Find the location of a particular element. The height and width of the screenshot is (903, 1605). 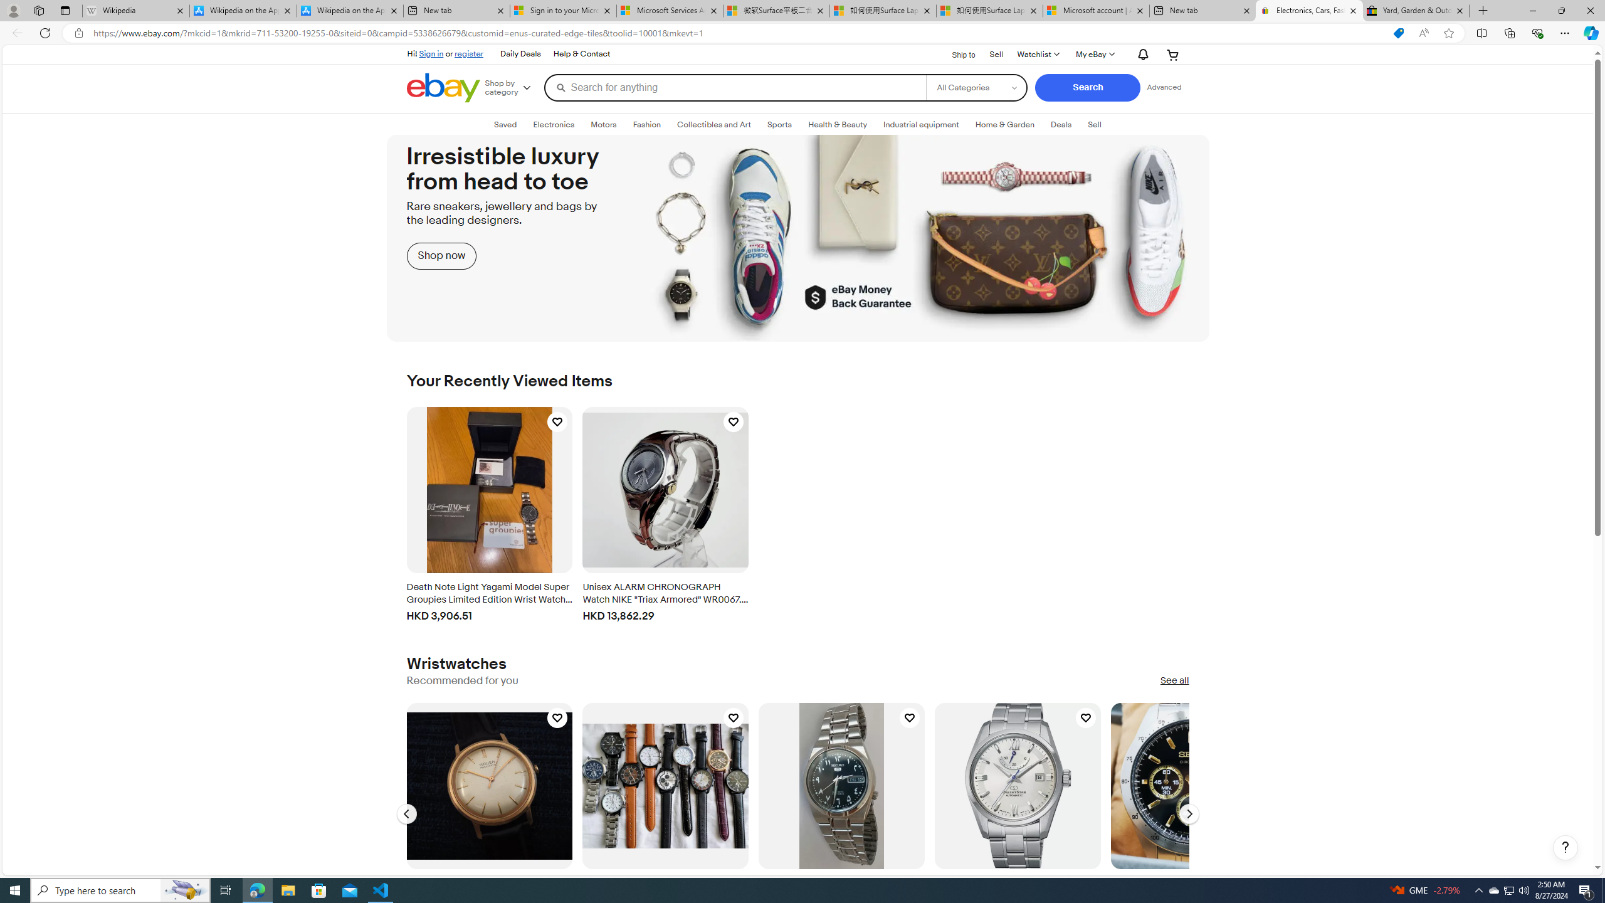

'Ship to' is located at coordinates (955, 55).